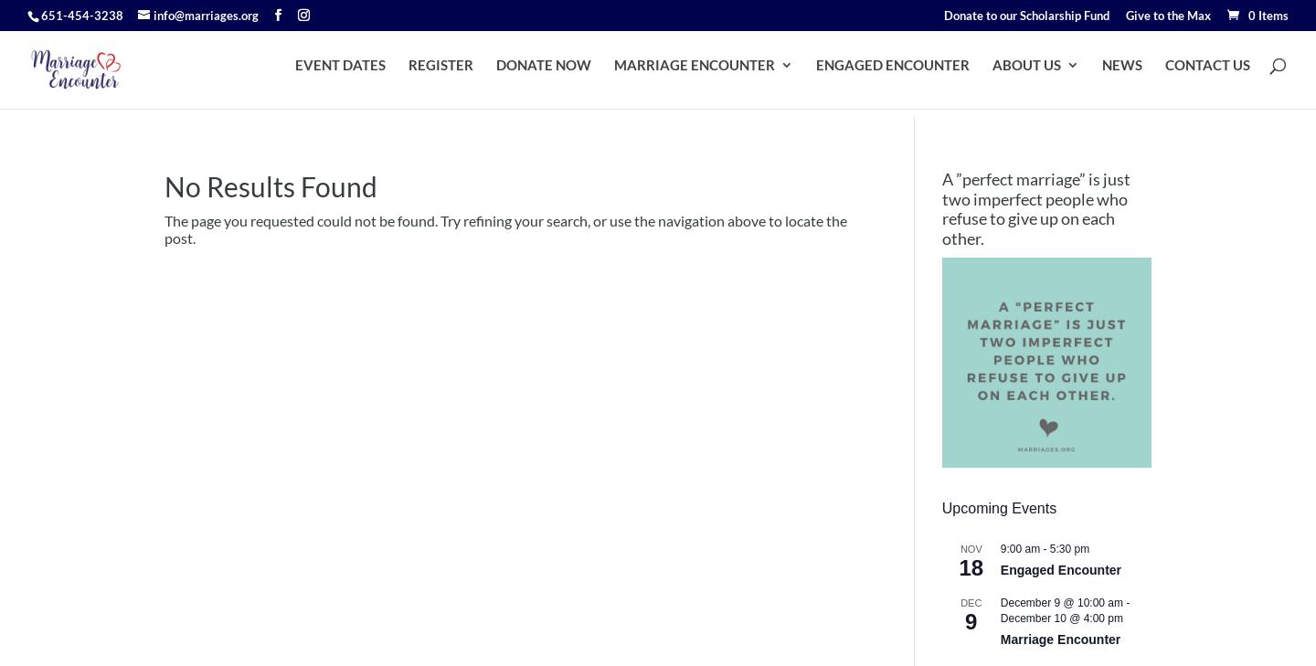 The width and height of the screenshot is (1316, 666). Describe the element at coordinates (1061, 602) in the screenshot. I see `'December 9 @ 10:00 am'` at that location.